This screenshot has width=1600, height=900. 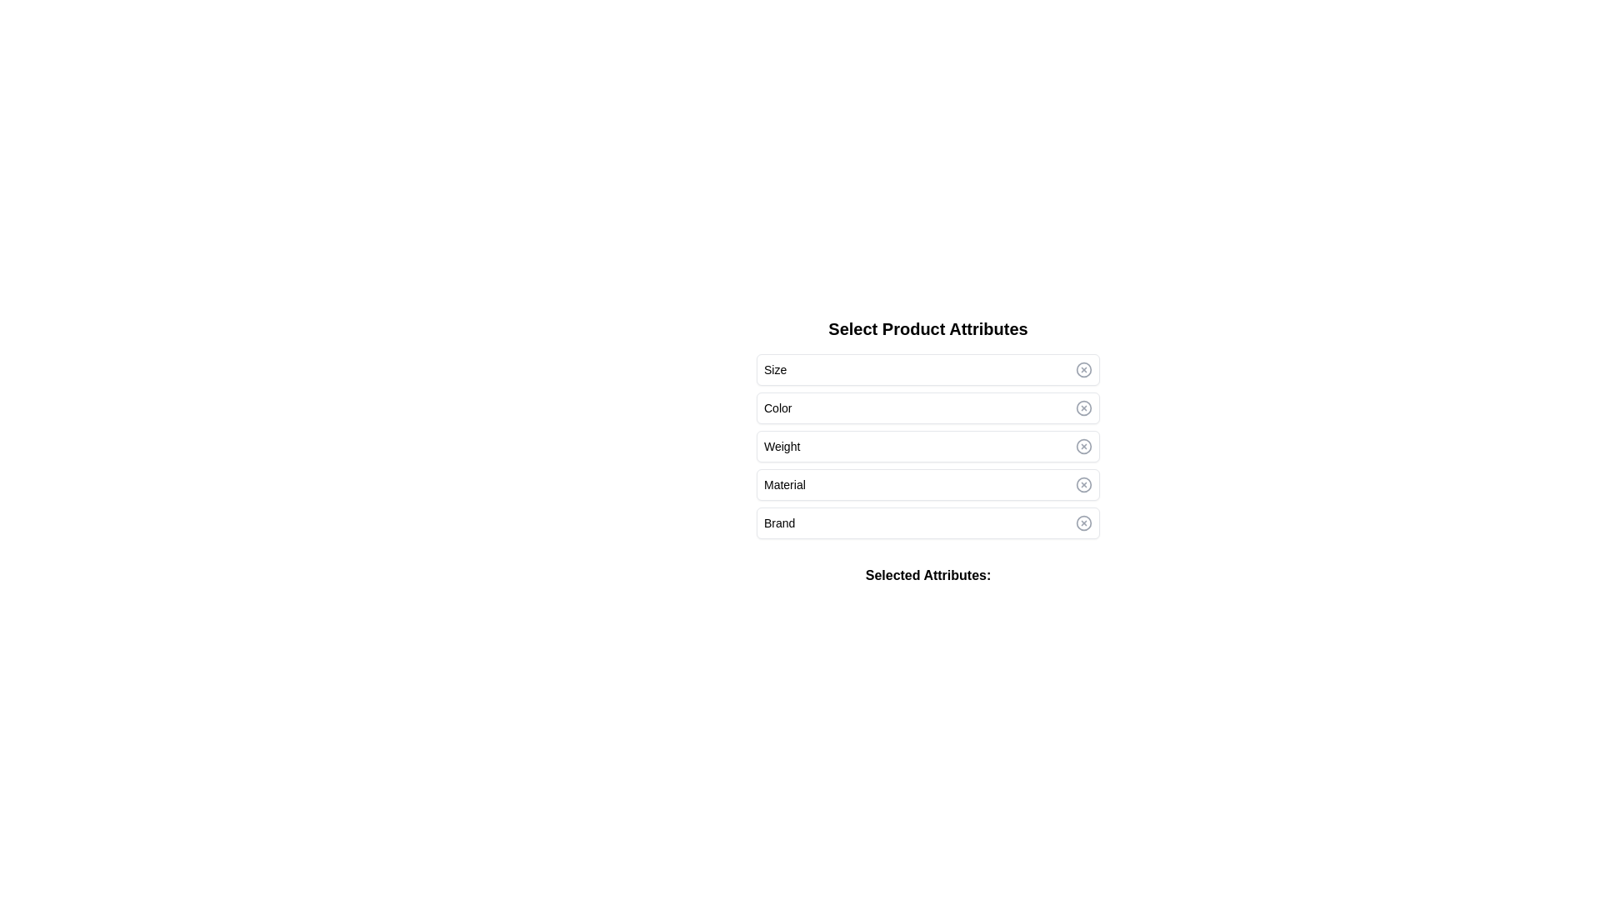 What do you see at coordinates (927, 446) in the screenshot?
I see `the attribute Weight by clicking its row` at bounding box center [927, 446].